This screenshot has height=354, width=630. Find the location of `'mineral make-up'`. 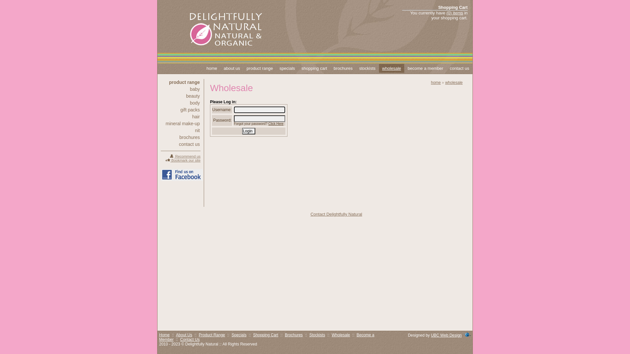

'mineral make-up' is located at coordinates (180, 124).